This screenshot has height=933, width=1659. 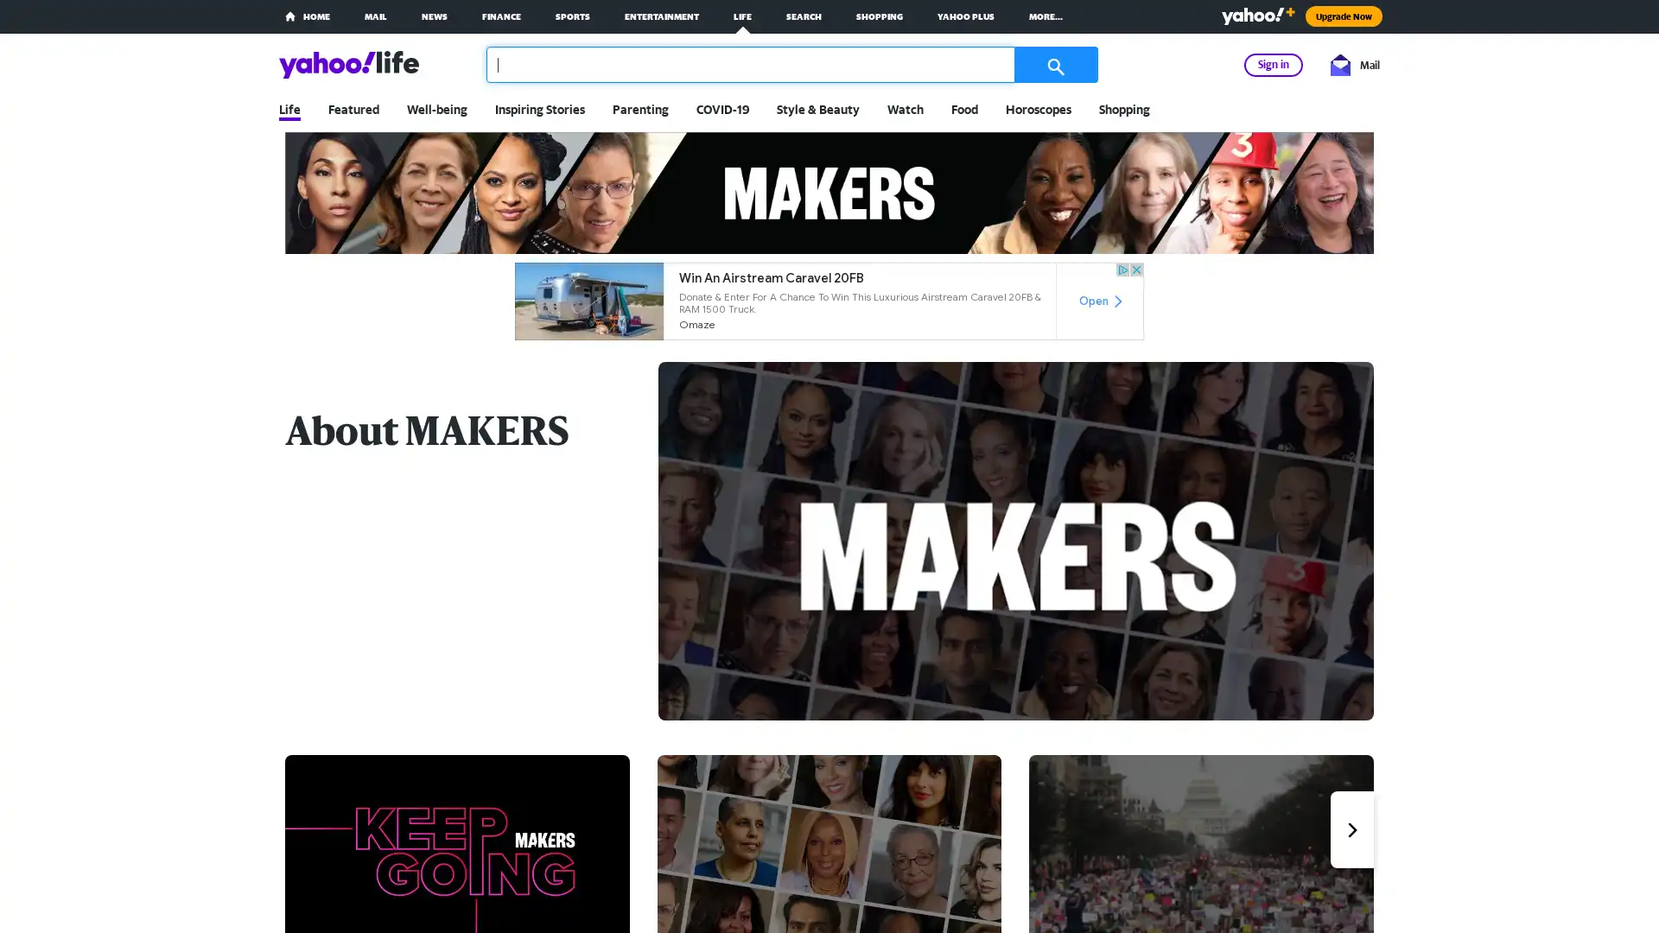 What do you see at coordinates (1351, 828) in the screenshot?
I see `Next` at bounding box center [1351, 828].